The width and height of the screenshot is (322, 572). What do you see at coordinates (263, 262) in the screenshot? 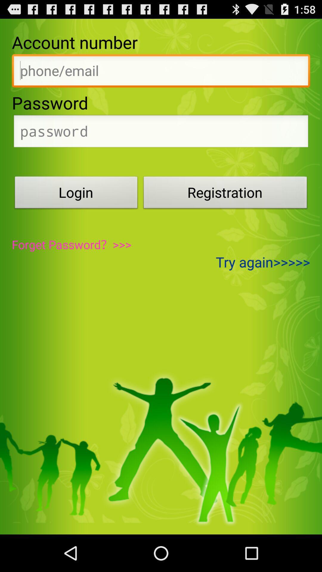
I see `the icon below registration` at bounding box center [263, 262].